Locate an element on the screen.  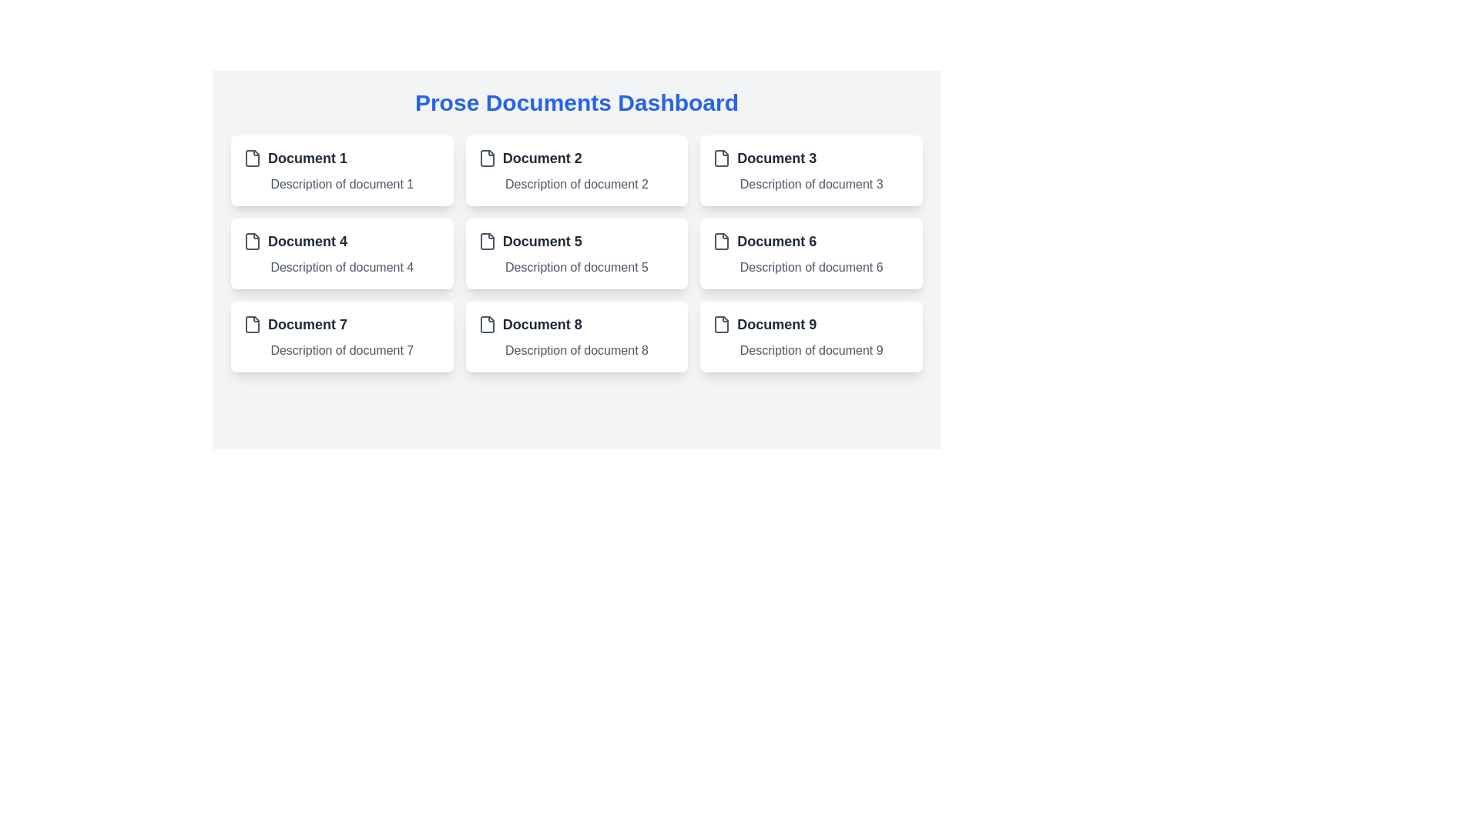
text label that serves as a title or identifier for a document-related item, located in the top row, third column of the dashboard grid is located at coordinates (776, 158).